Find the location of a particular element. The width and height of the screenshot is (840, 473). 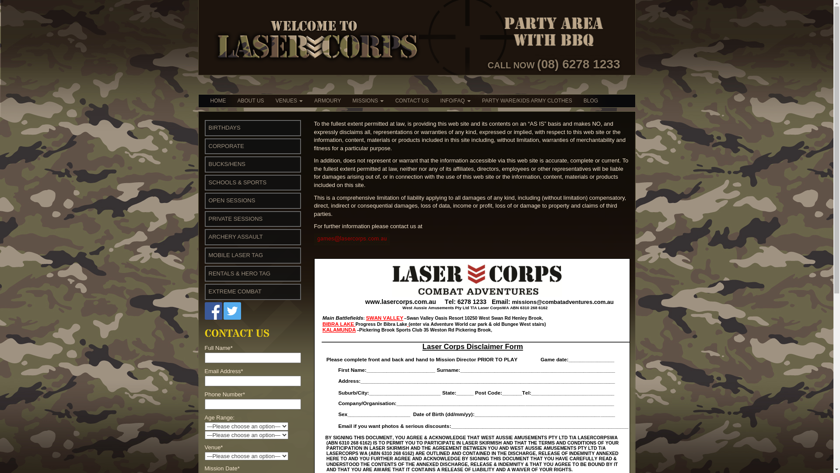

'RENTALS & HERO TAG' is located at coordinates (207, 273).